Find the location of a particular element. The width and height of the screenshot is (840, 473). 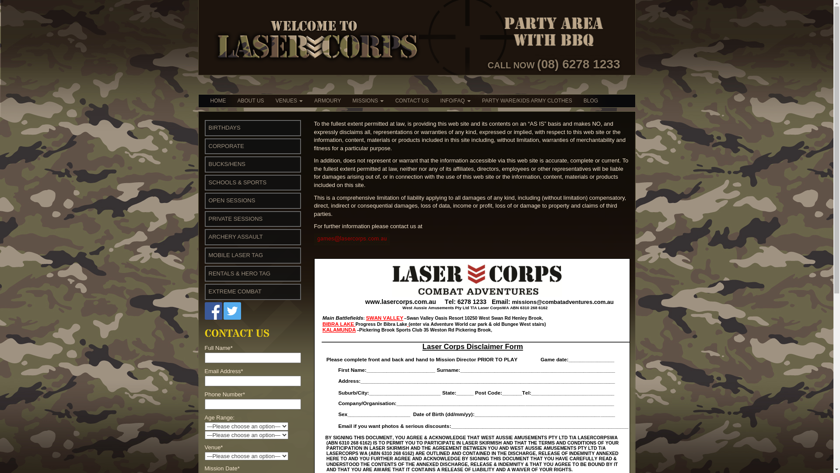

'RENTALS & HERO TAG' is located at coordinates (207, 273).